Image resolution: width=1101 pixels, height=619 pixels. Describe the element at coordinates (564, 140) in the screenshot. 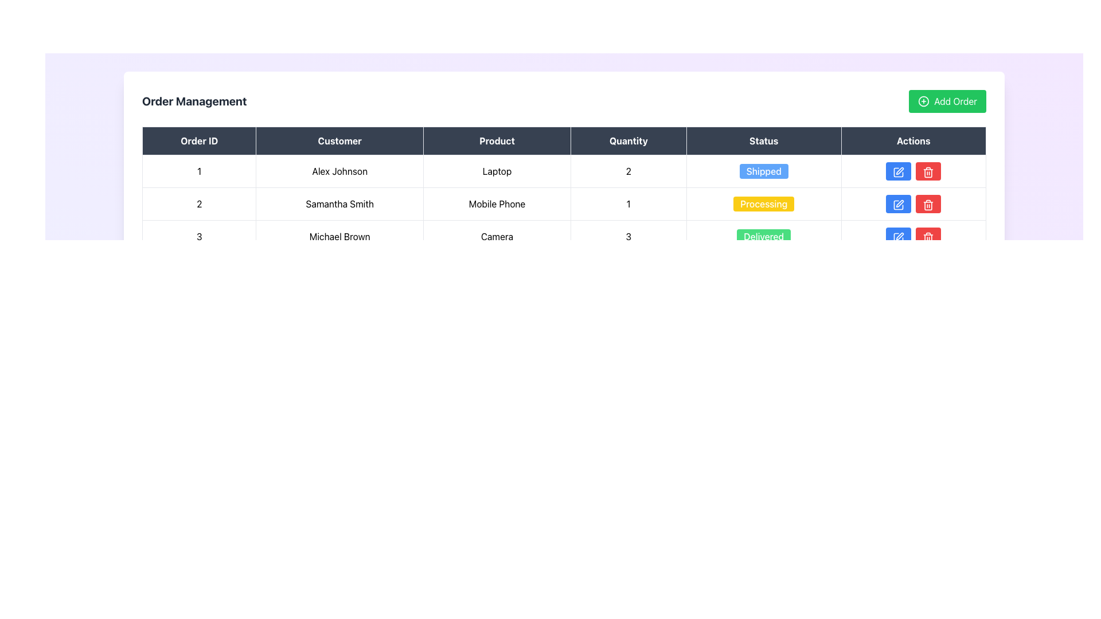

I see `the table header row with a dark gray background and white text to sort the table by the selected column` at that location.